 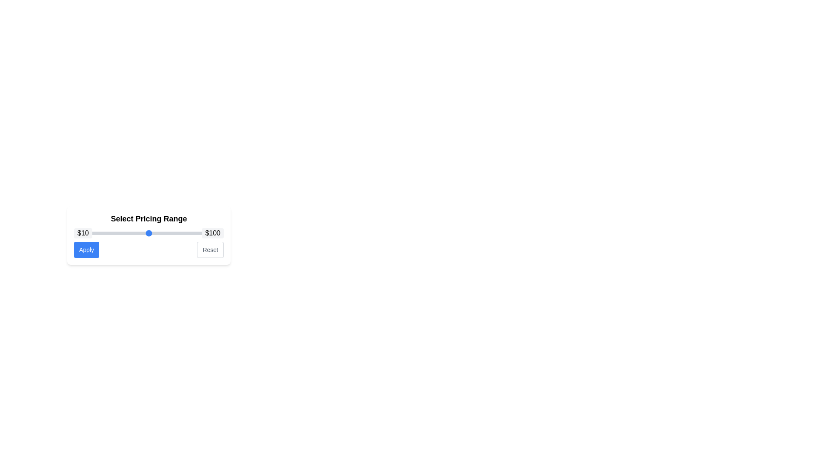 What do you see at coordinates (214, 233) in the screenshot?
I see `price slider` at bounding box center [214, 233].